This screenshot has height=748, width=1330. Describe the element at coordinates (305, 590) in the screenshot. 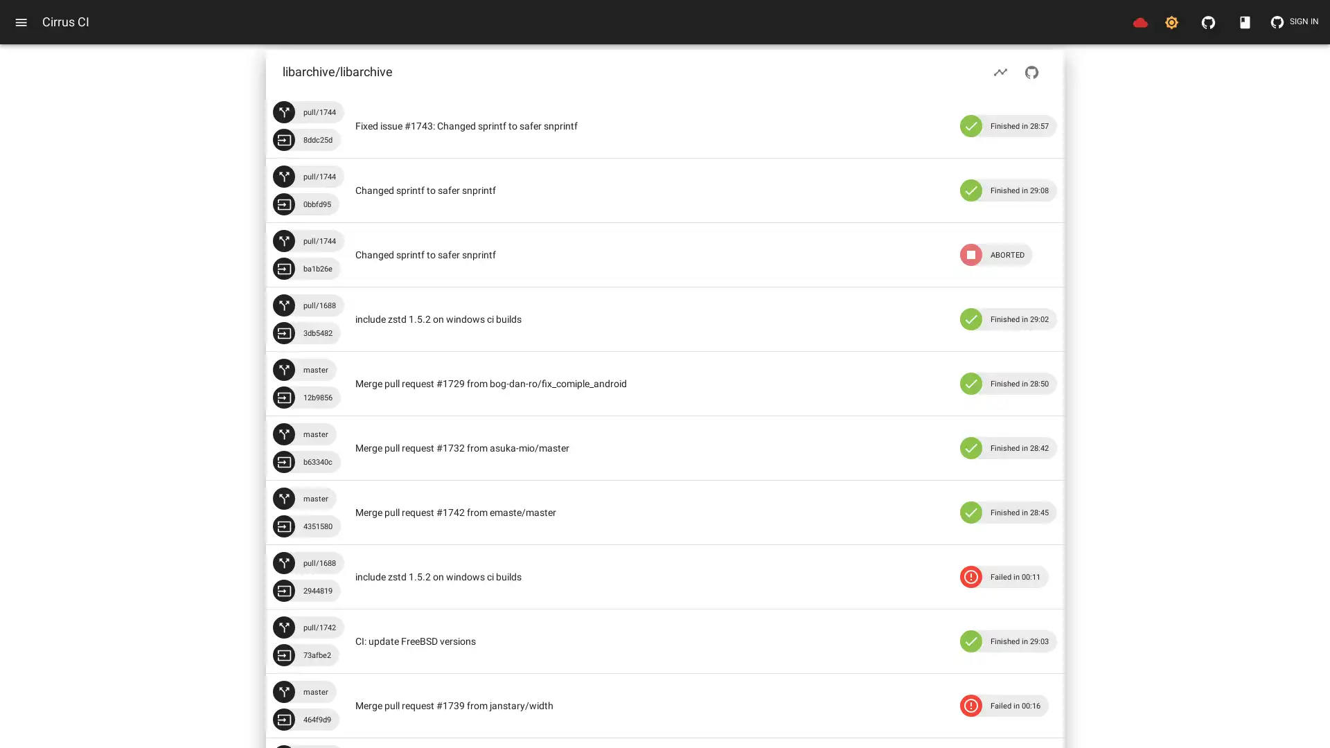

I see `2944819` at that location.